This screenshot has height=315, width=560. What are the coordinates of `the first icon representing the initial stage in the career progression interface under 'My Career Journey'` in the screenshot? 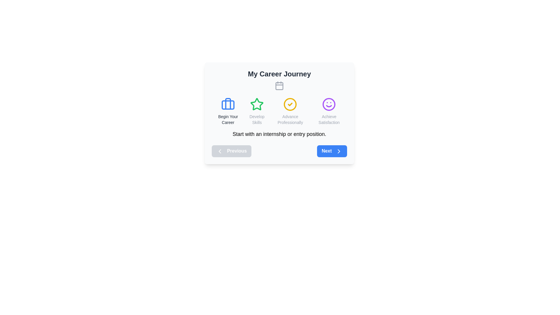 It's located at (228, 111).